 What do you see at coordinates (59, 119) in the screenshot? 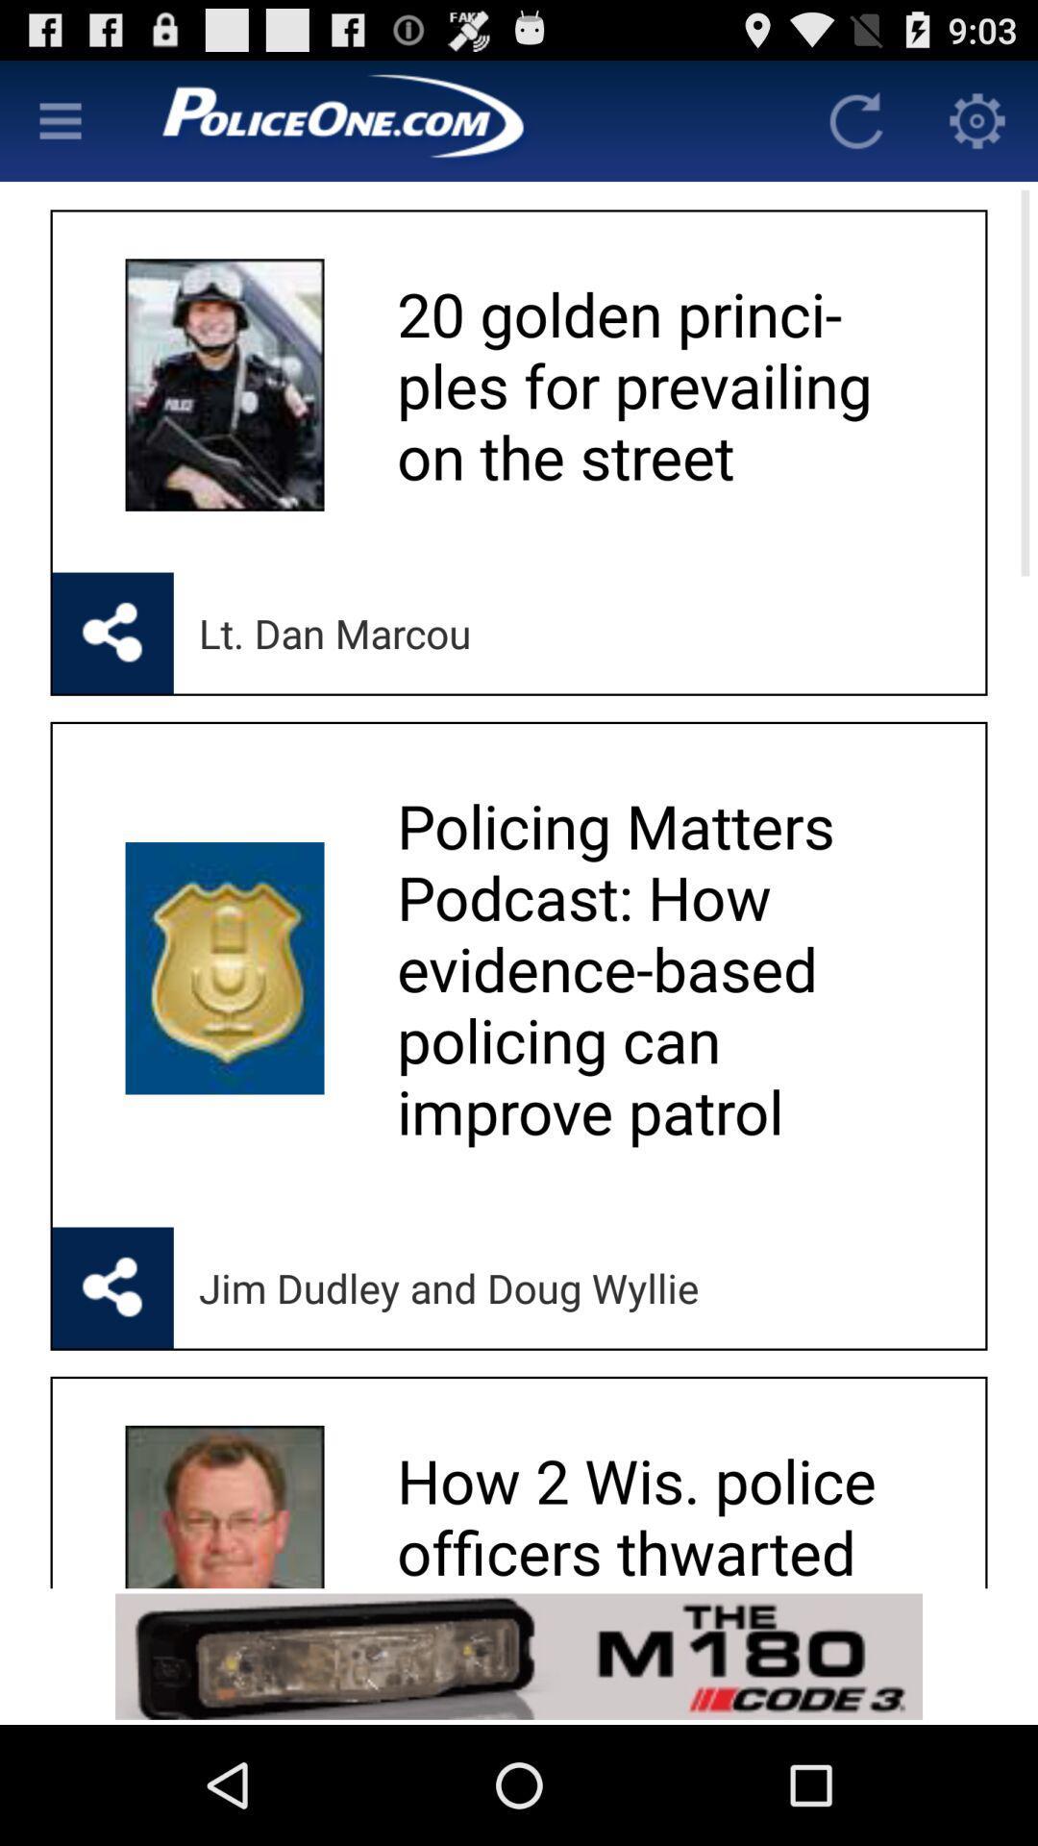
I see `menu option` at bounding box center [59, 119].